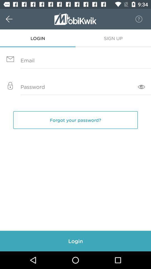 The height and width of the screenshot is (269, 151). What do you see at coordinates (141, 87) in the screenshot?
I see `the item to the right of y item` at bounding box center [141, 87].